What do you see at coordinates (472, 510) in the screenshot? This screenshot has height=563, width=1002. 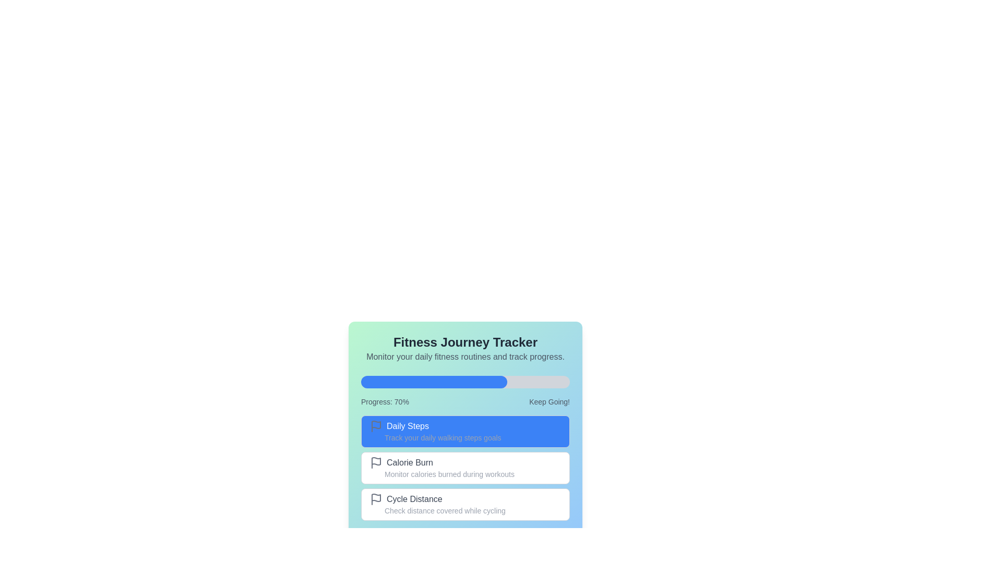 I see `the static text label that reads 'Check distance covered while cycling', which is styled in a smaller, gray font and positioned within the 'Cycle Distance' section below the bold header and to the right of a flag icon` at bounding box center [472, 510].